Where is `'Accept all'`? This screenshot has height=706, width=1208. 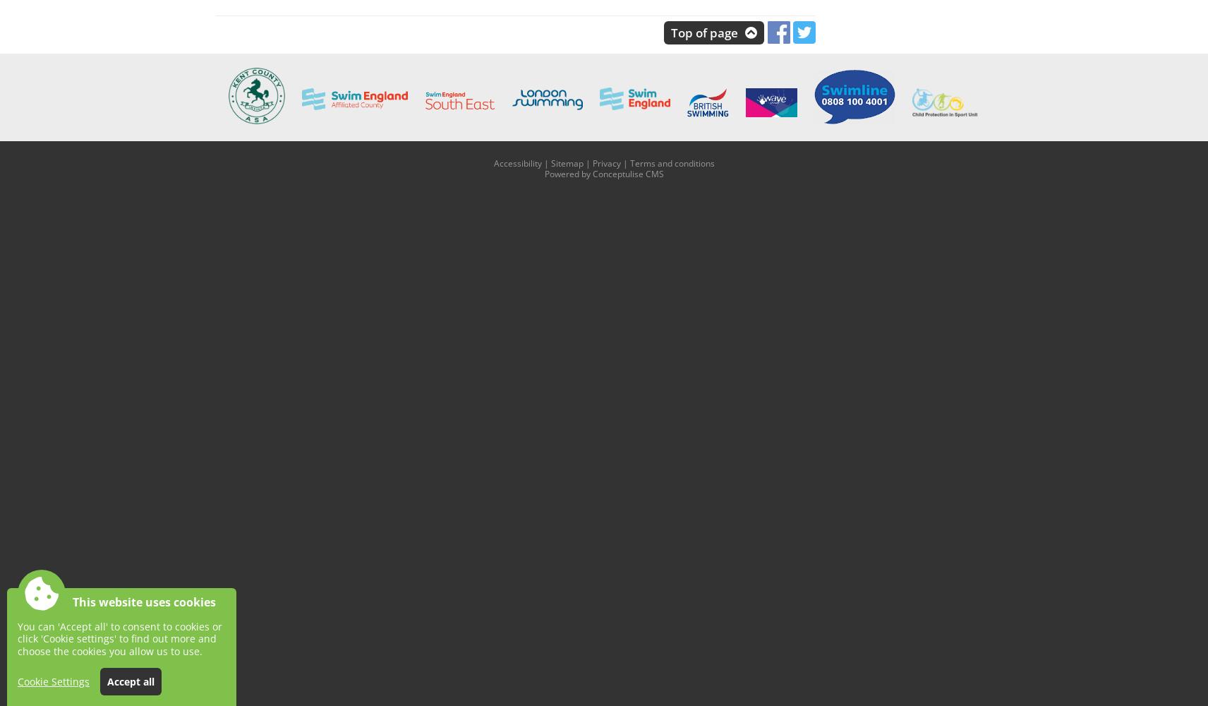 'Accept all' is located at coordinates (130, 681).